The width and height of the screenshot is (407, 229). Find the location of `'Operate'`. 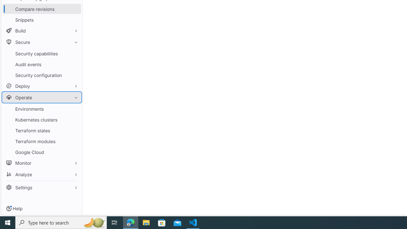

'Operate' is located at coordinates (41, 97).